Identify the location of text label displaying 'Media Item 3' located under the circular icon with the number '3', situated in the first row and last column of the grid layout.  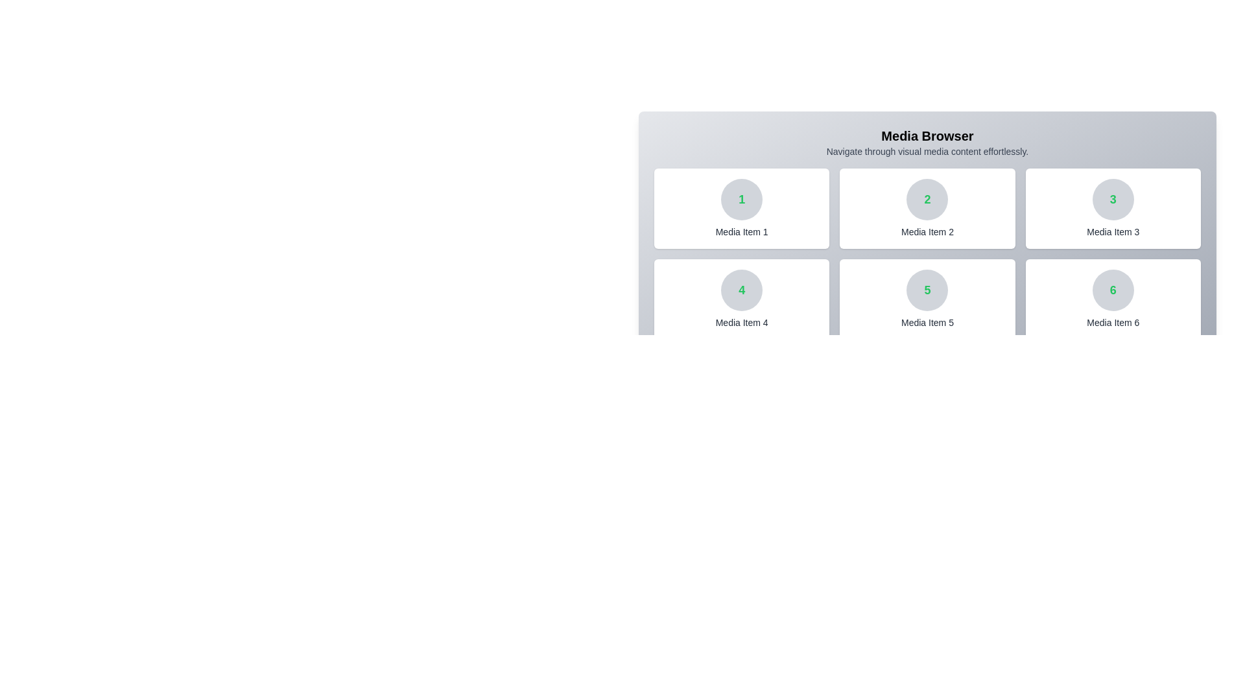
(1112, 231).